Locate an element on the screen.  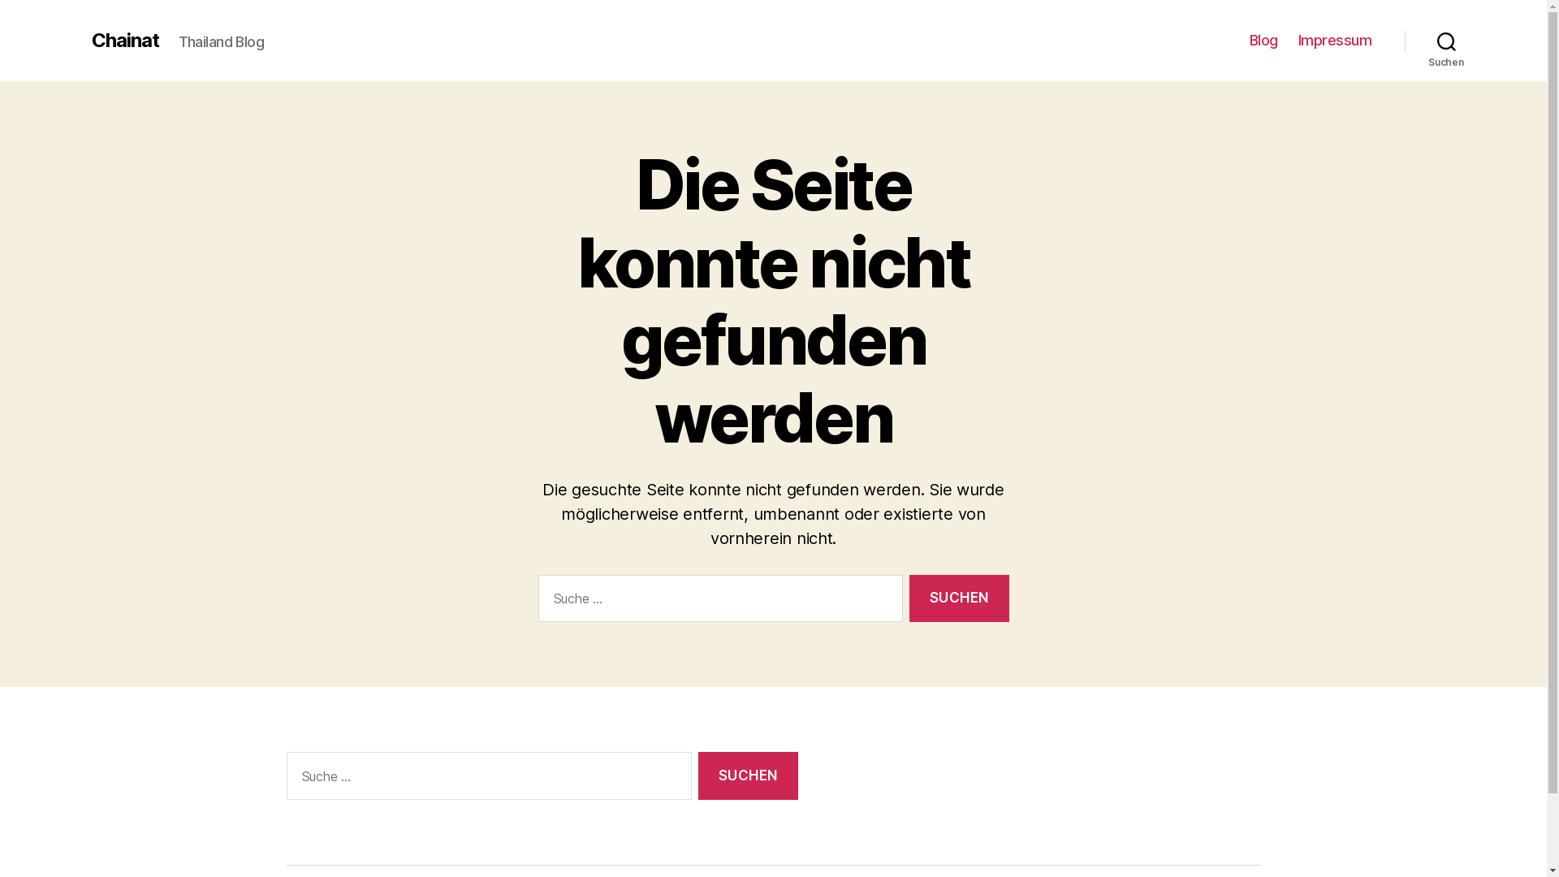
'Blog' is located at coordinates (1263, 40).